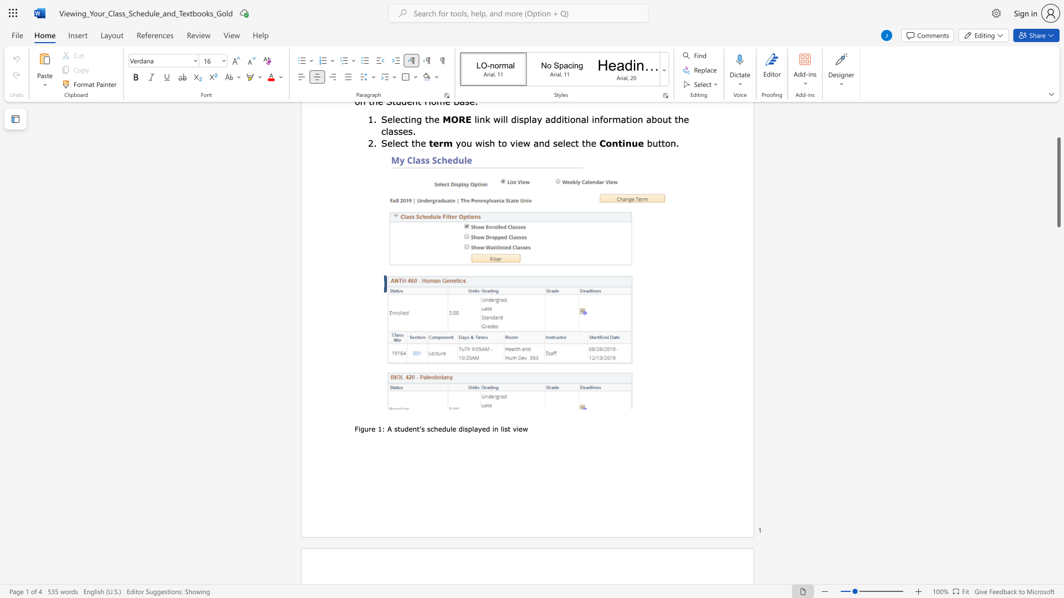 Image resolution: width=1064 pixels, height=598 pixels. Describe the element at coordinates (1058, 182) in the screenshot. I see `the scrollbar and move down 30 pixels` at that location.